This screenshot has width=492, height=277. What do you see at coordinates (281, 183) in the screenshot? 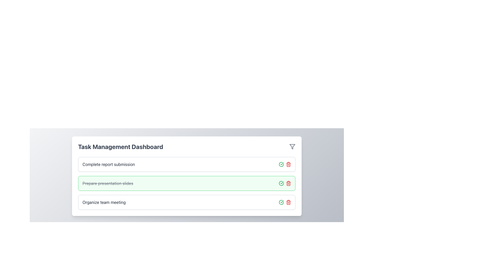
I see `the completion indicator icon for the task 'Prepare presentation slides' located in the interactive icons group on the right side of the second task row` at bounding box center [281, 183].